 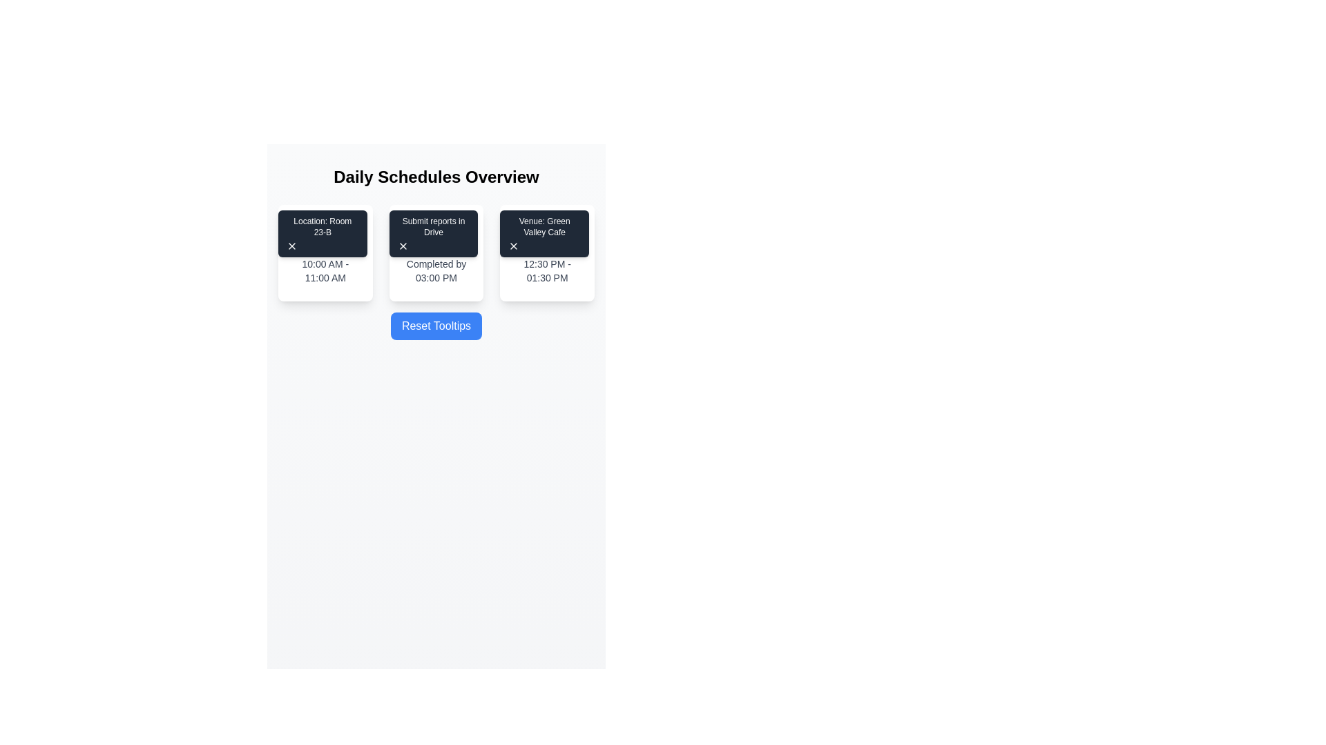 What do you see at coordinates (325, 271) in the screenshot?
I see `the text displaying the time range '10:00 AM - 11:00 AM', which is styled in a small gray font and is located beneath the 'Marketing Meeting' title in the top-left card of the layout` at bounding box center [325, 271].